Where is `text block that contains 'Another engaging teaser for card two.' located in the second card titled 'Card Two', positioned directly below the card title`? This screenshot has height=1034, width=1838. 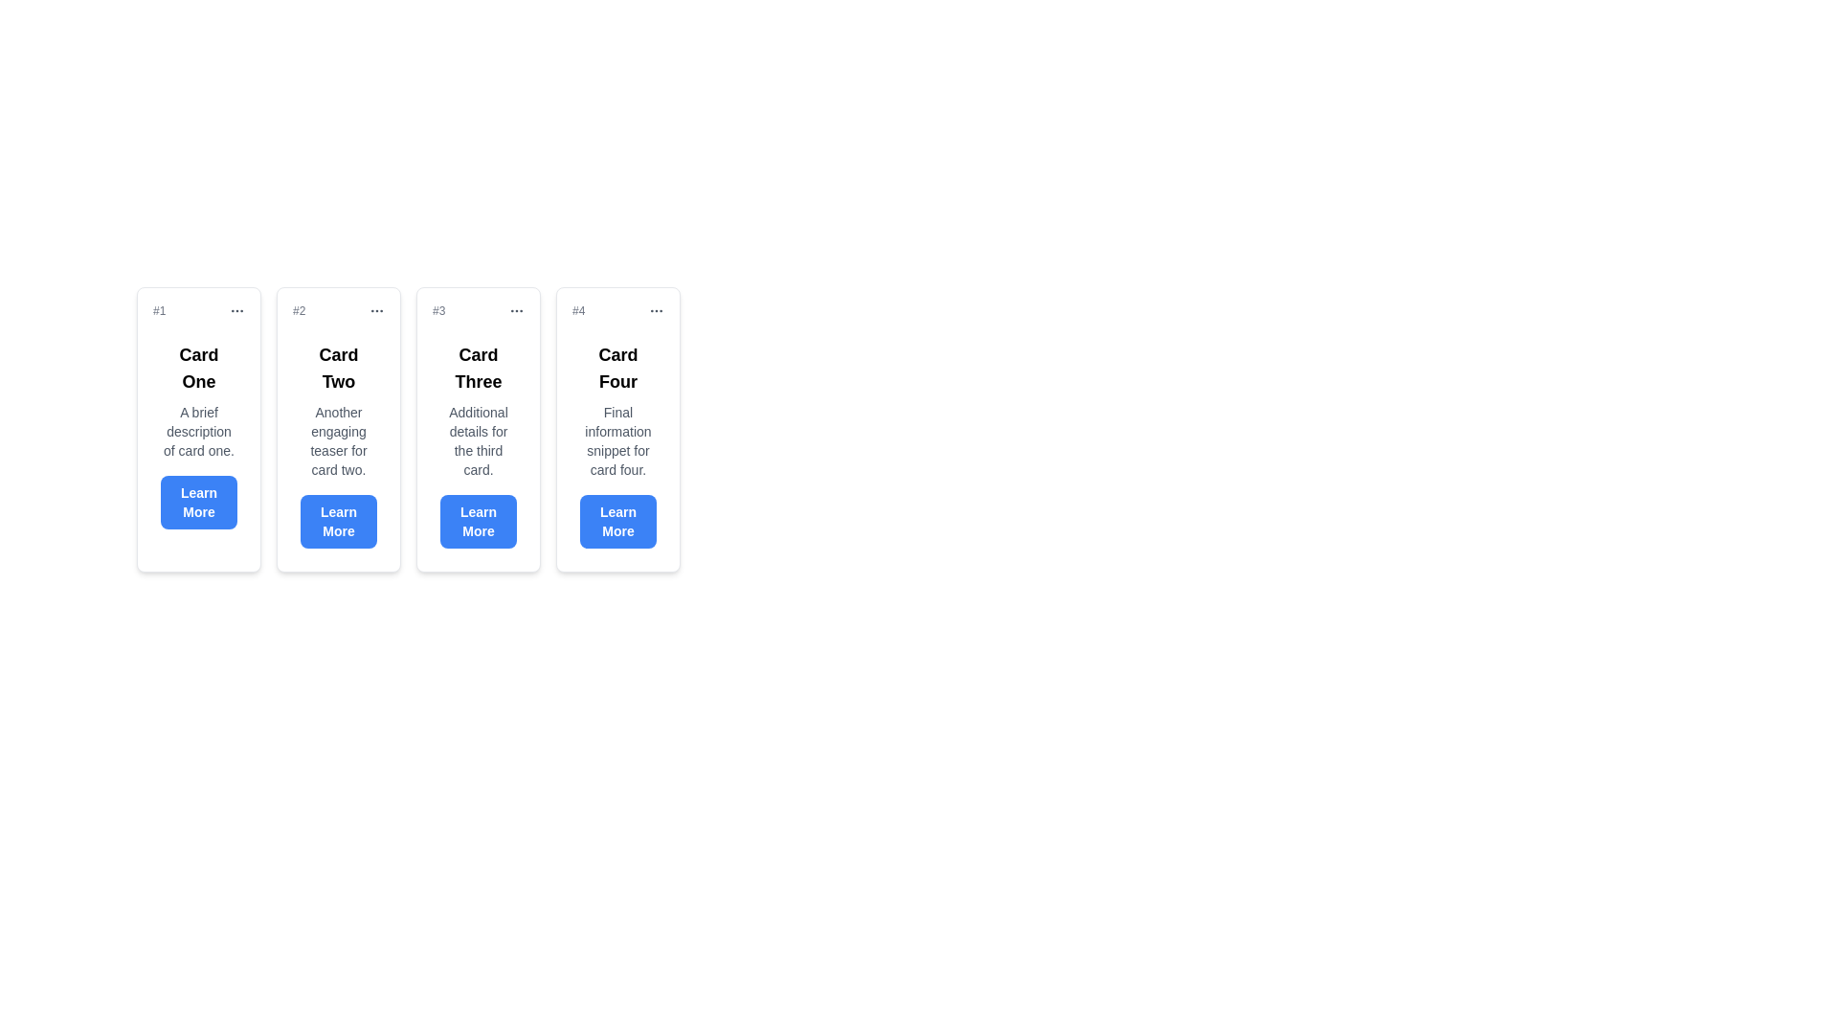
text block that contains 'Another engaging teaser for card two.' located in the second card titled 'Card Two', positioned directly below the card title is located at coordinates (339, 441).